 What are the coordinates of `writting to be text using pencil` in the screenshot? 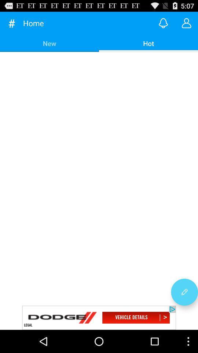 It's located at (184, 292).